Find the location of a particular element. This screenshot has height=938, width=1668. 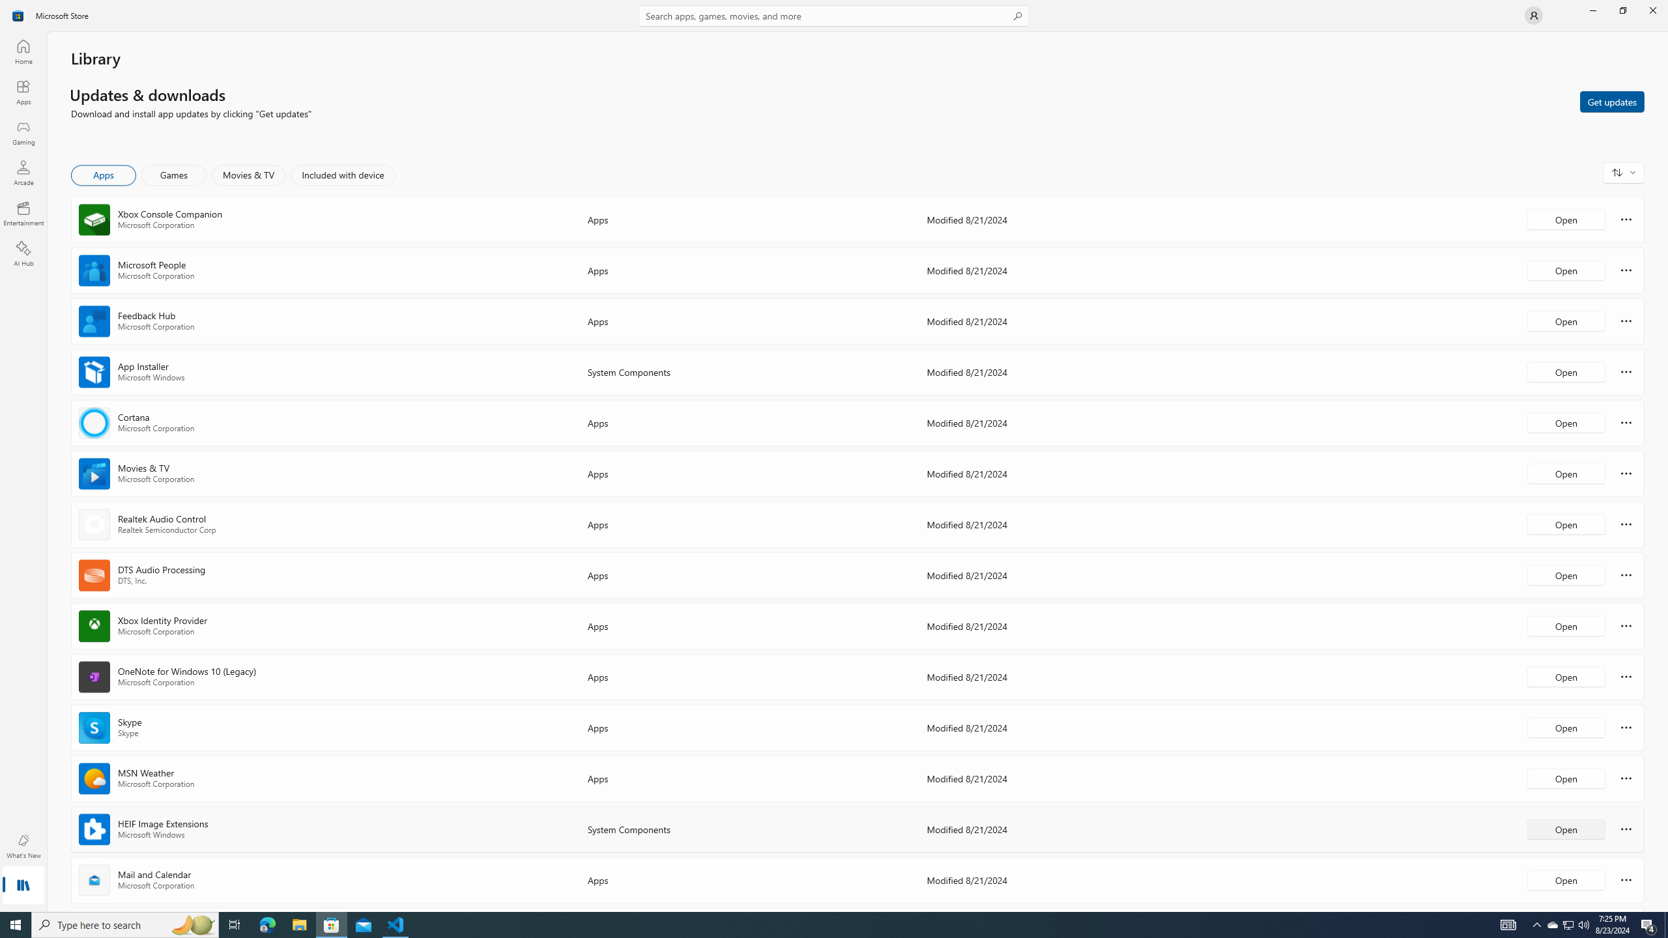

'Included with device' is located at coordinates (342, 175).